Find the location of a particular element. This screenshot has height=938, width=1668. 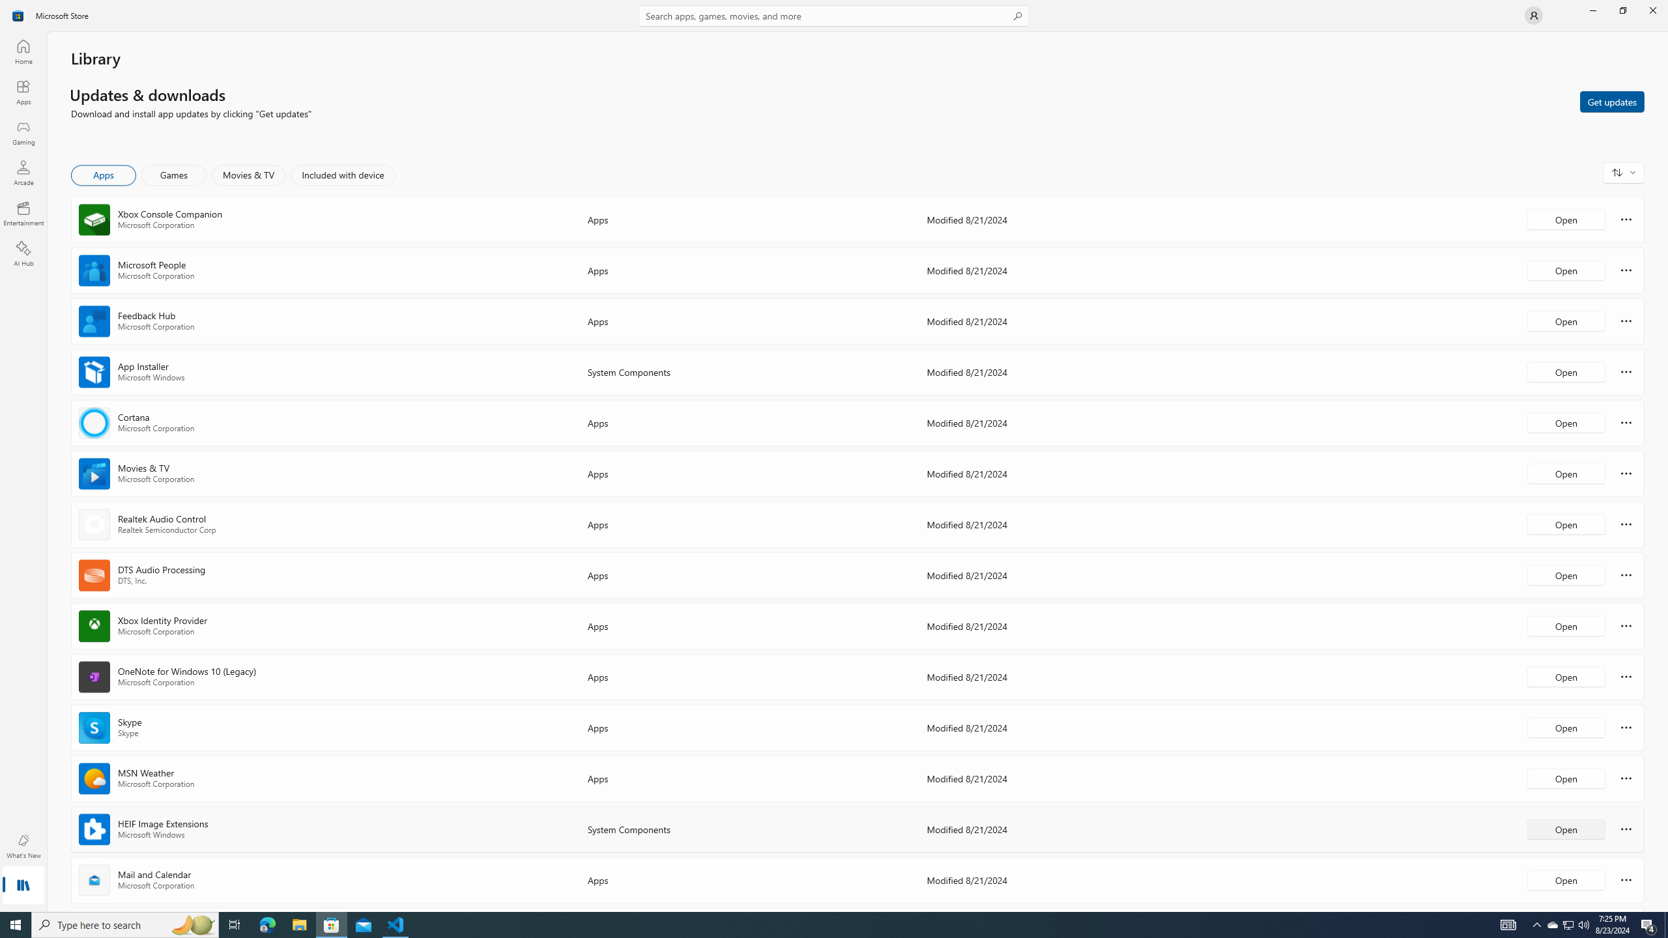

'Included with device' is located at coordinates (342, 175).